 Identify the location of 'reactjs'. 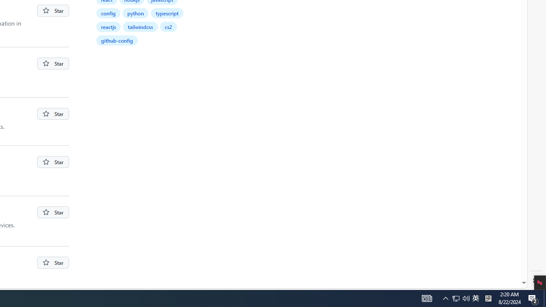
(108, 26).